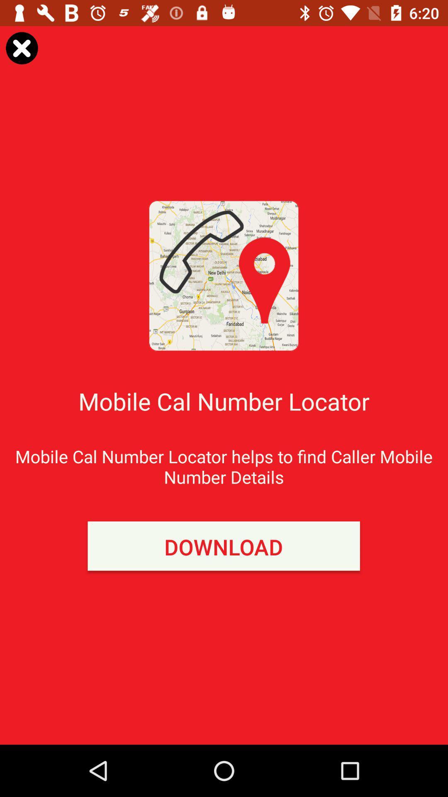 The image size is (448, 797). Describe the element at coordinates (21, 47) in the screenshot. I see `the close icon` at that location.